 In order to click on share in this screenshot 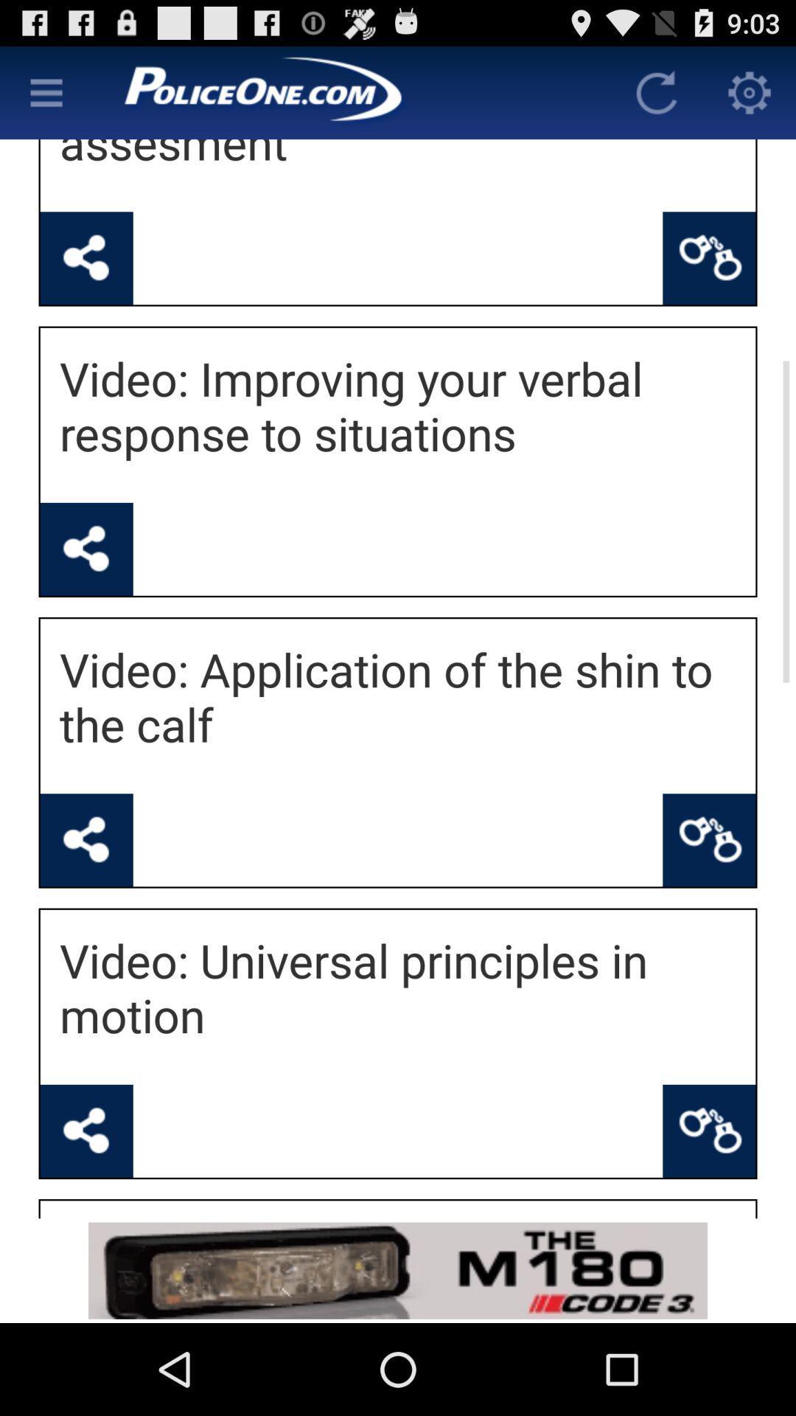, I will do `click(86, 840)`.